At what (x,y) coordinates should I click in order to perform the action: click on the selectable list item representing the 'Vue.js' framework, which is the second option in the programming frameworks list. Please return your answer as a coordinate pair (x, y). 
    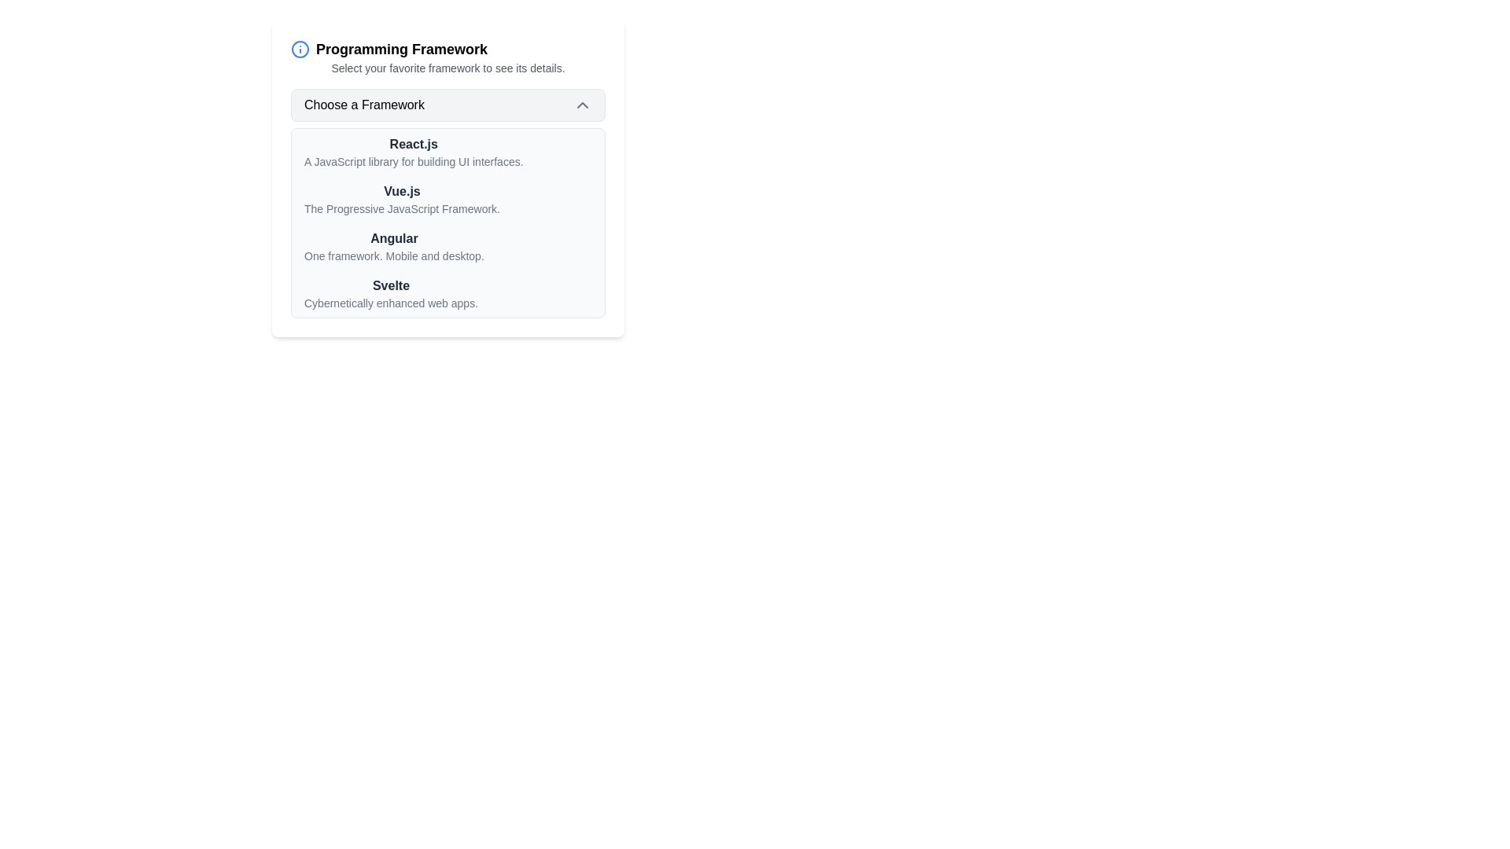
    Looking at the image, I should click on (447, 199).